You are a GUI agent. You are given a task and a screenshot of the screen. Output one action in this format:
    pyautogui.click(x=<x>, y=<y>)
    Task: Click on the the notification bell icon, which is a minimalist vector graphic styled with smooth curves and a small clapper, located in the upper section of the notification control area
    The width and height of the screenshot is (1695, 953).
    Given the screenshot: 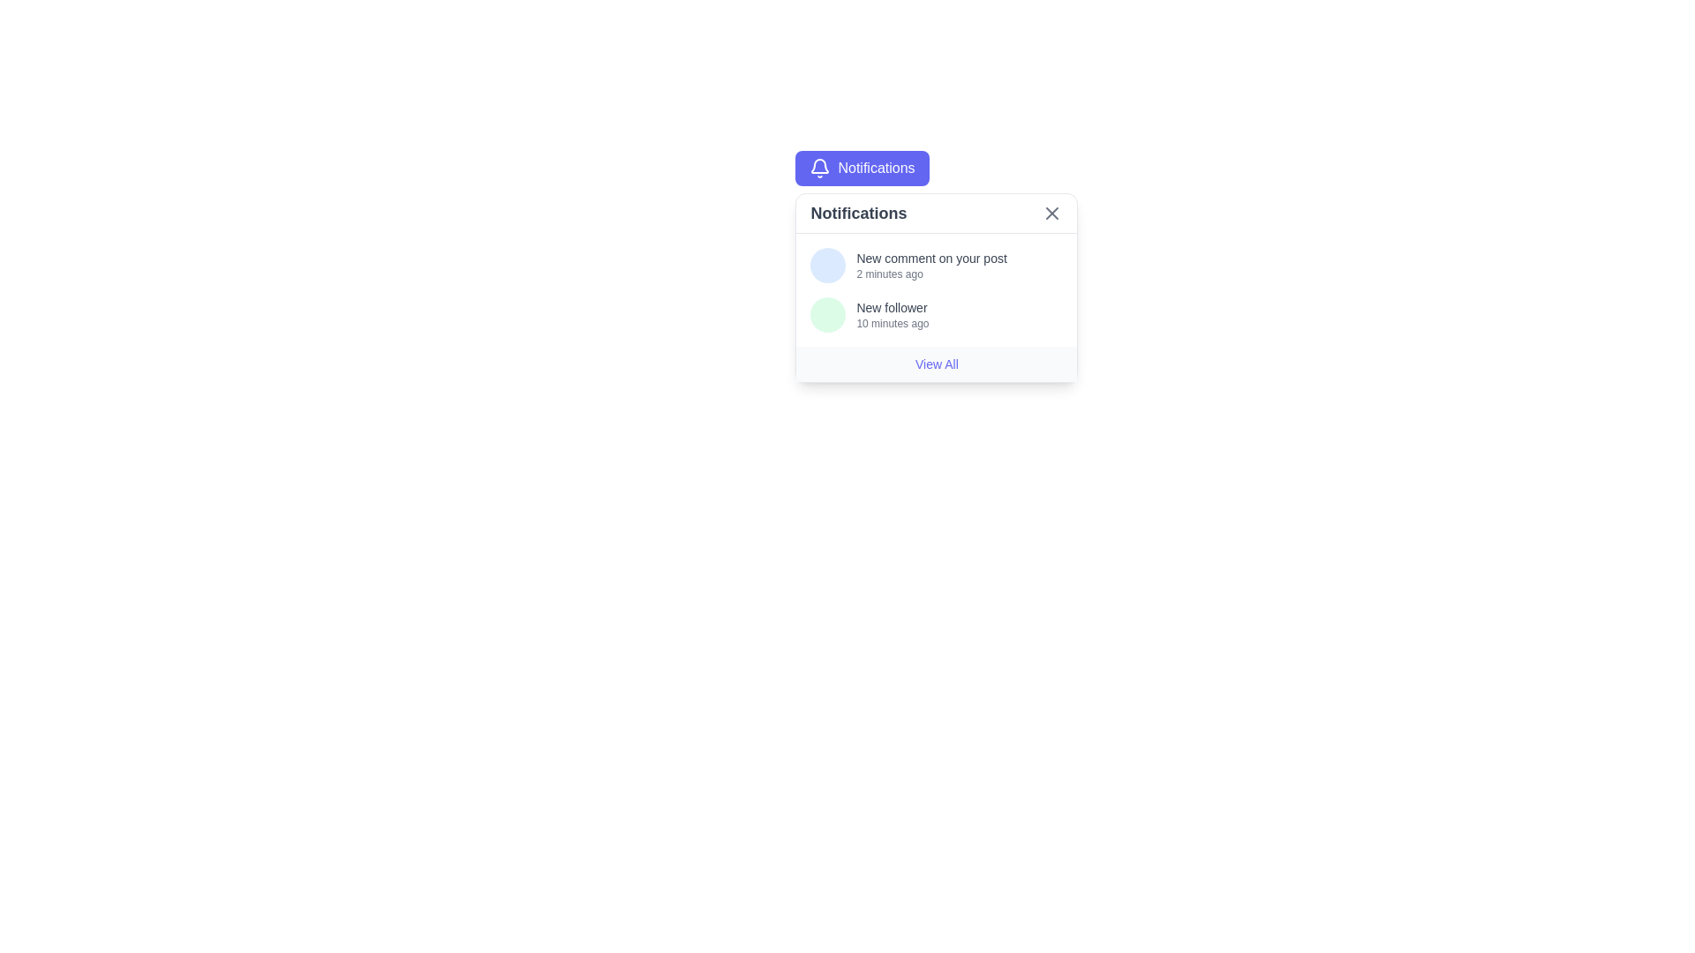 What is the action you would take?
    pyautogui.click(x=819, y=166)
    